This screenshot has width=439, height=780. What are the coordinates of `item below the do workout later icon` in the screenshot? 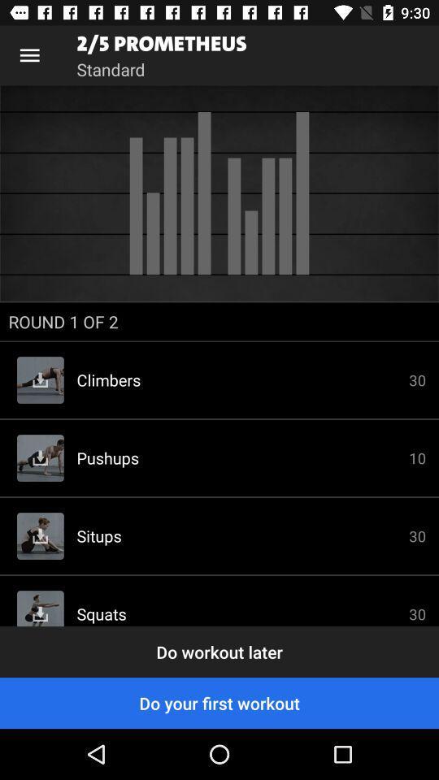 It's located at (219, 702).